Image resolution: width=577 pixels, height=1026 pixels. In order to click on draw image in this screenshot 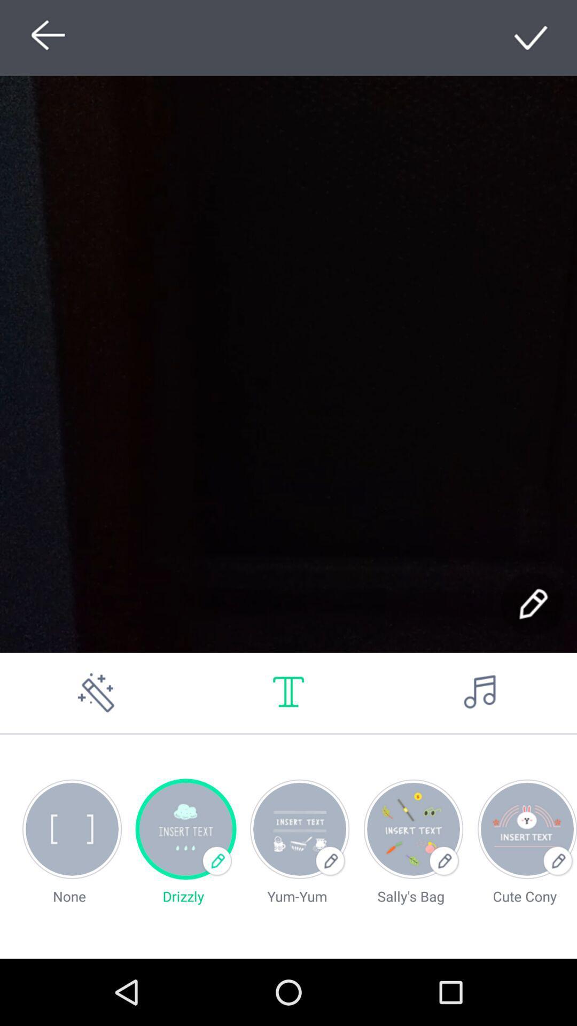, I will do `click(96, 693)`.